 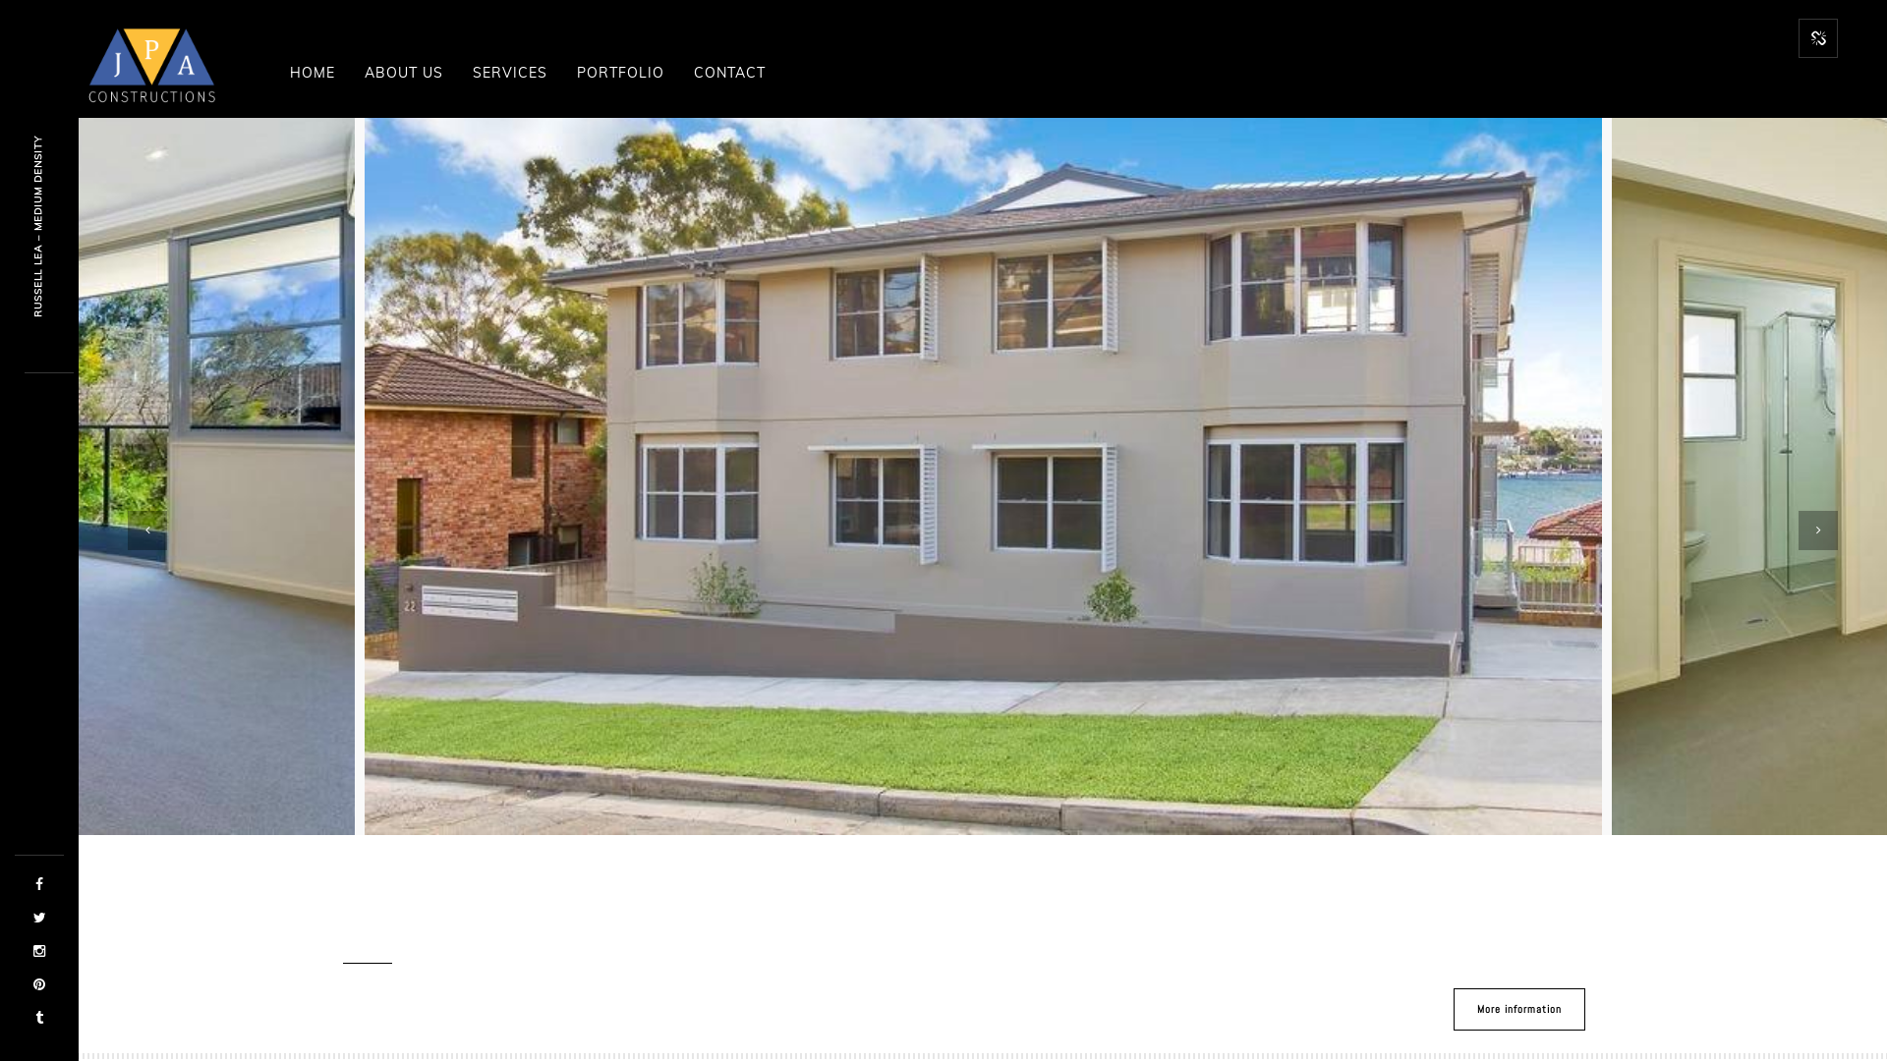 What do you see at coordinates (349, 71) in the screenshot?
I see `'ABOUT US'` at bounding box center [349, 71].